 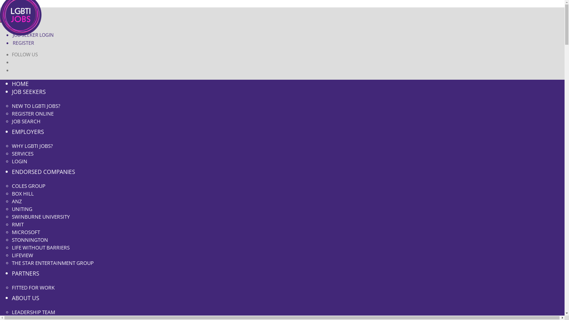 I want to click on 'SERVICES', so click(x=23, y=153).